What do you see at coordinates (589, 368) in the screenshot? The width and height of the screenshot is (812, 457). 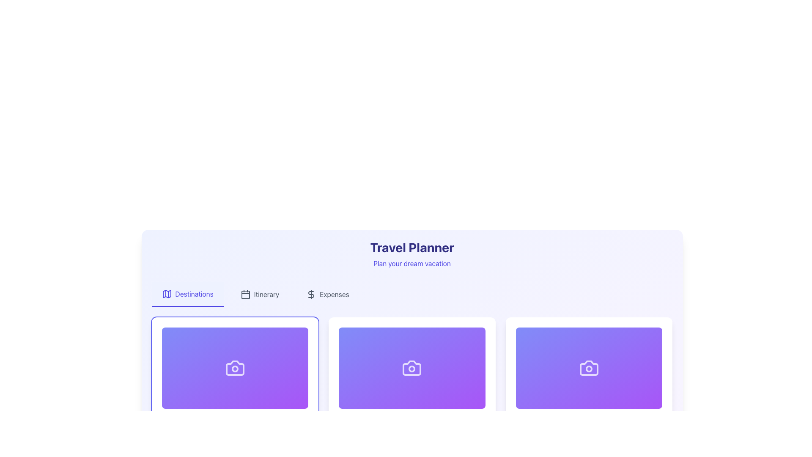 I see `the camera icon located in the second tile from the left under the 'Travel Planner' header, which is intended for capturing images or selecting photos` at bounding box center [589, 368].